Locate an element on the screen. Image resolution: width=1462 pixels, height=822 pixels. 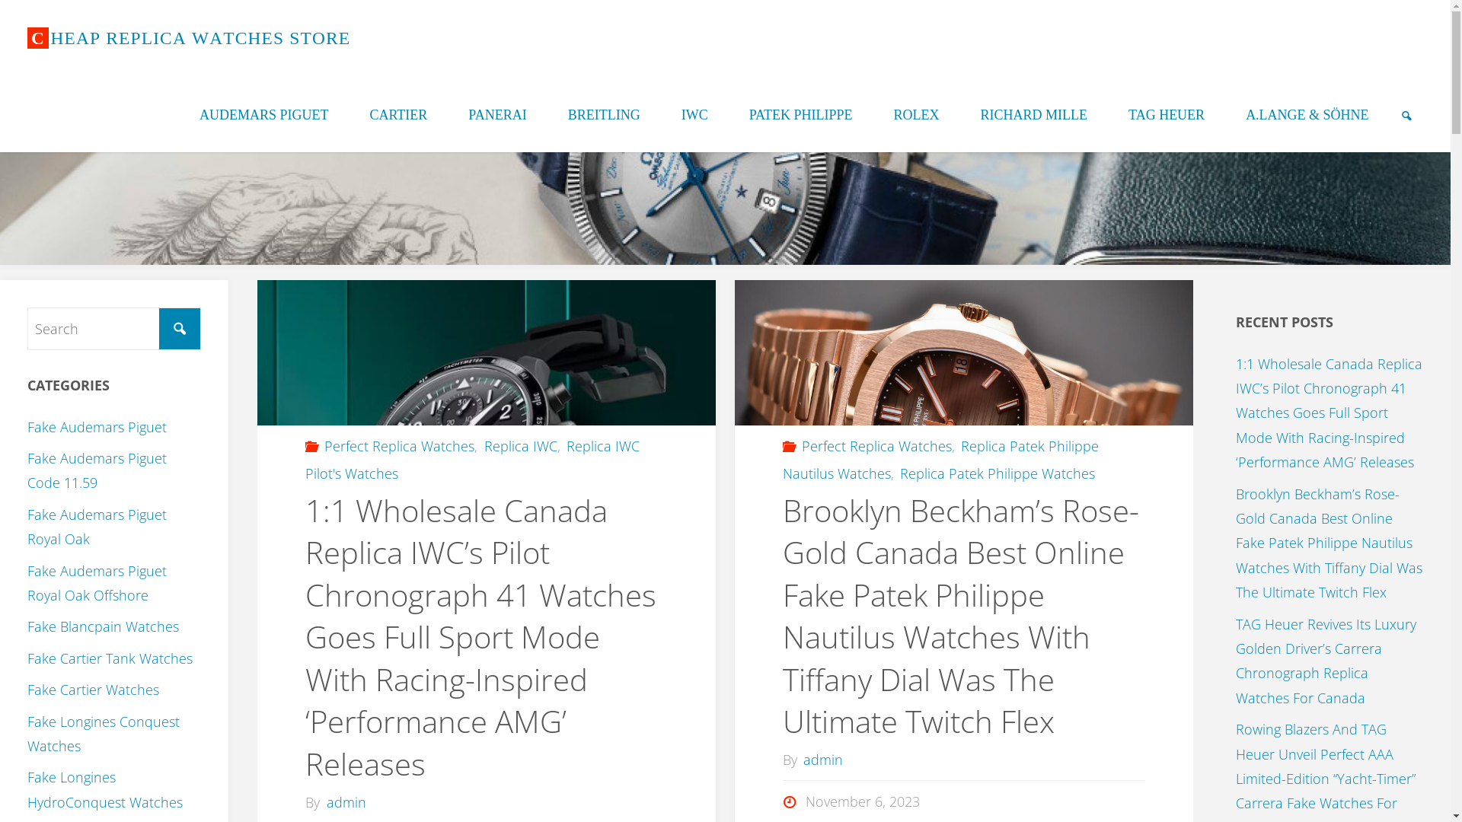
'admin' is located at coordinates (800, 760).